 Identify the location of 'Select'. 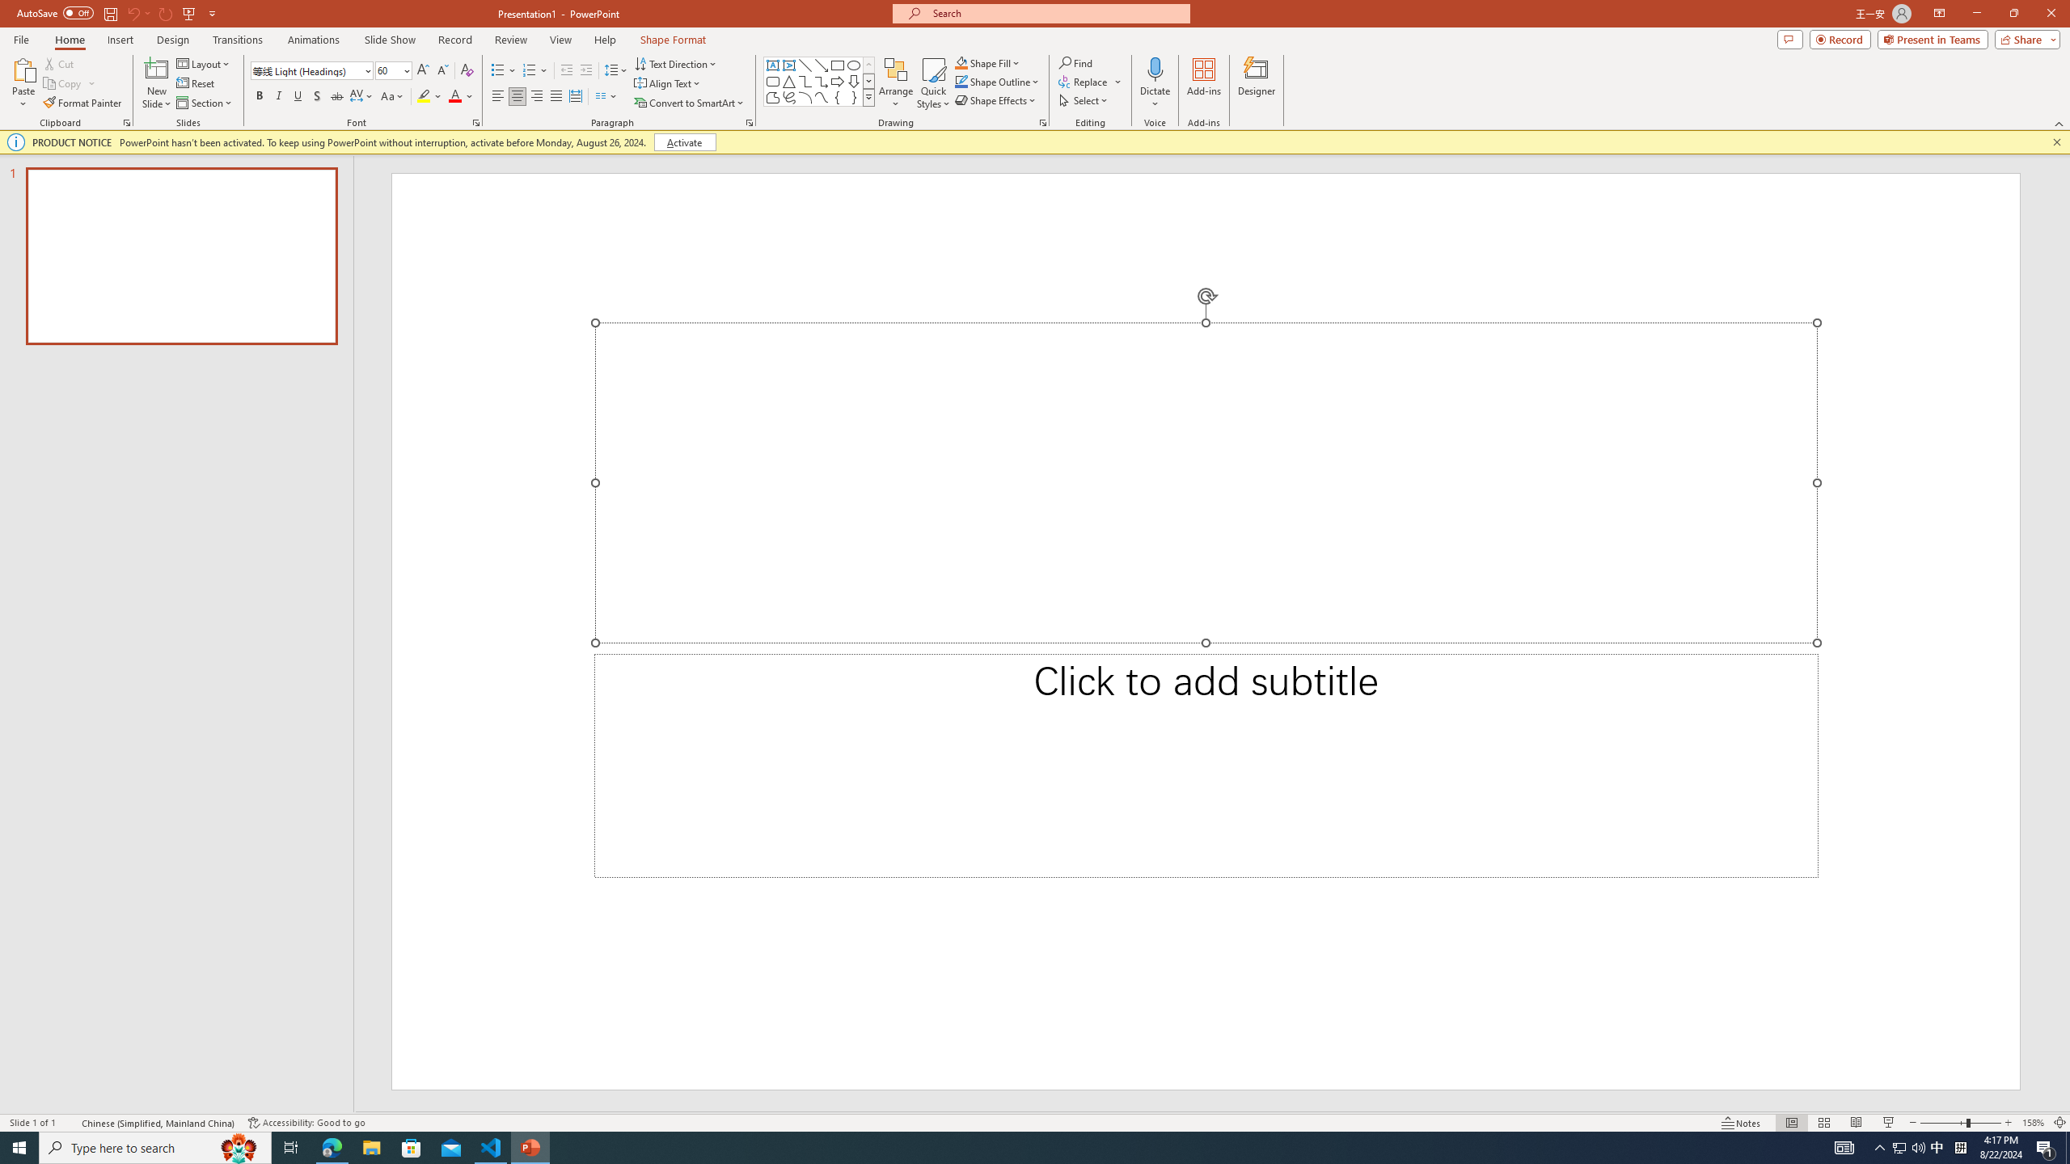
(1084, 99).